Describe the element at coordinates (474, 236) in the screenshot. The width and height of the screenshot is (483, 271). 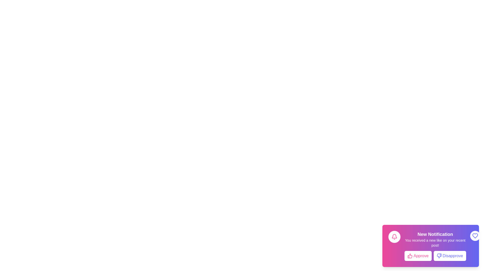
I see `the close button of the snackbar to close it` at that location.